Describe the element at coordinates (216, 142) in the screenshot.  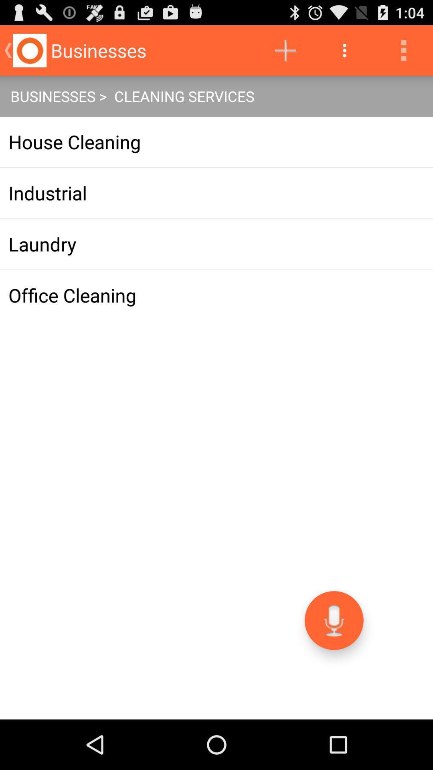
I see `the icon below the businesses >  cleaning services item` at that location.